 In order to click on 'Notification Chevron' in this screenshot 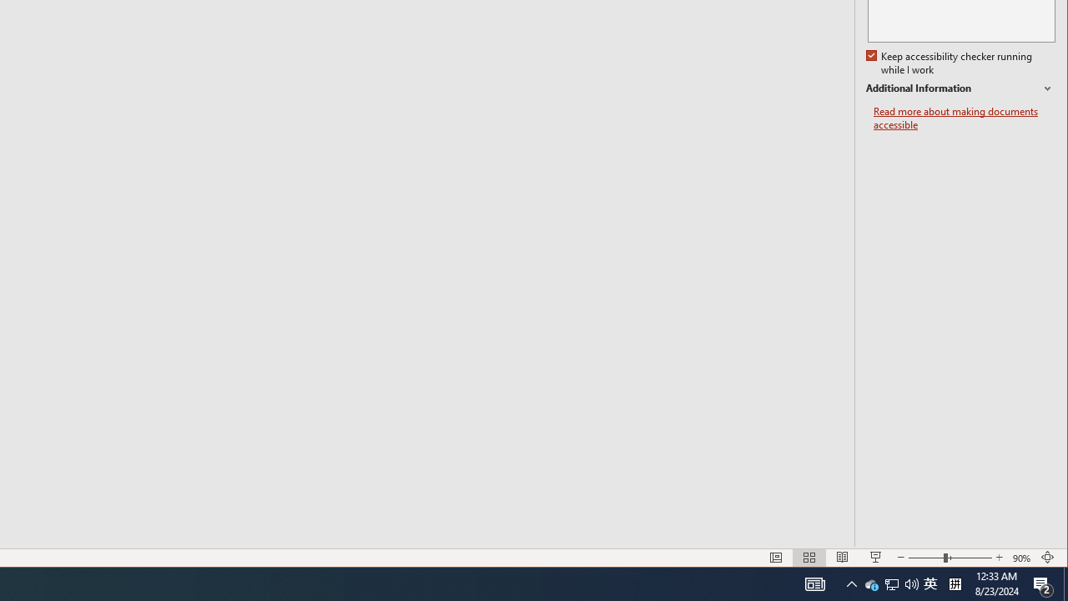, I will do `click(851, 583)`.